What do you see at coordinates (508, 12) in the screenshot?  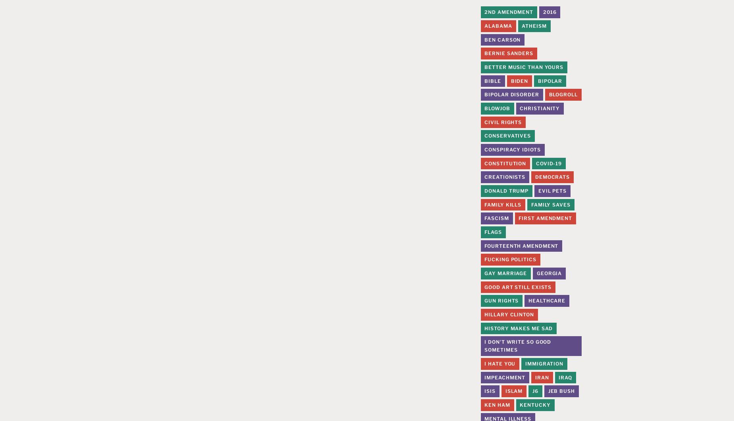 I see `'2nd Amendment'` at bounding box center [508, 12].